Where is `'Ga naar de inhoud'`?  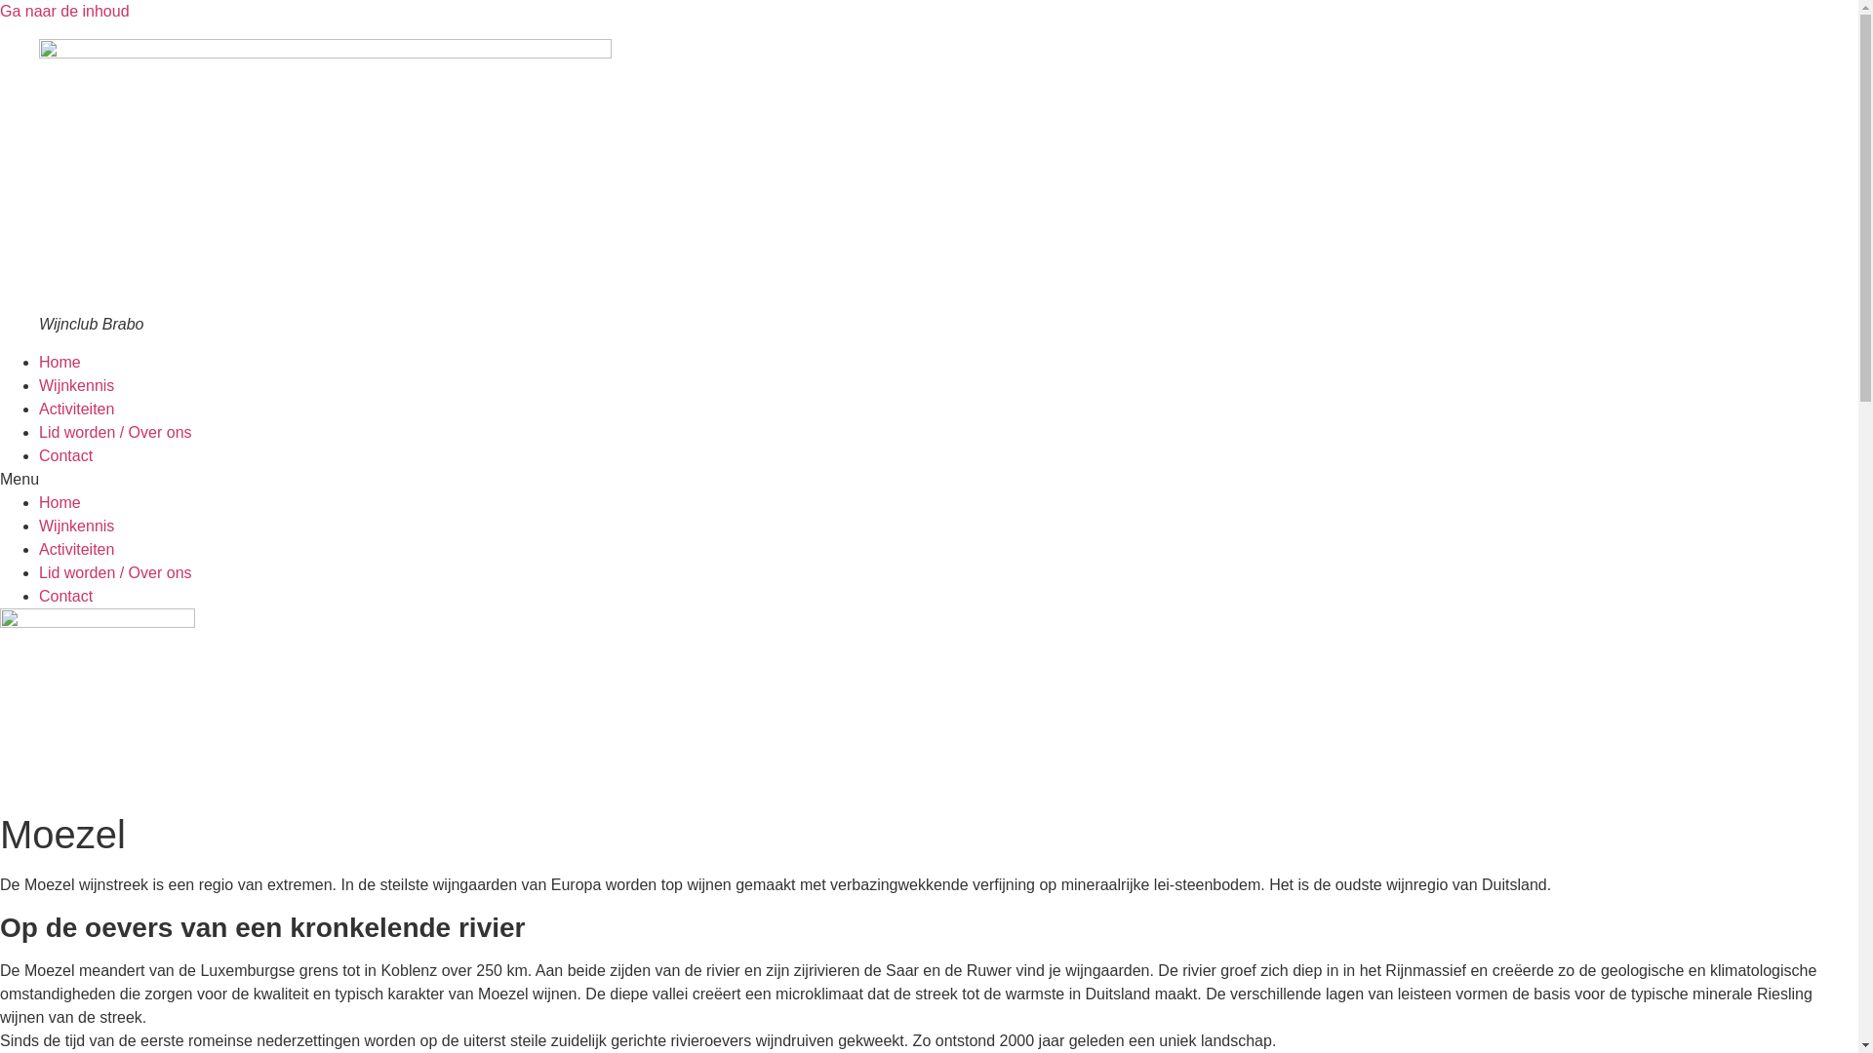
'Ga naar de inhoud' is located at coordinates (64, 11).